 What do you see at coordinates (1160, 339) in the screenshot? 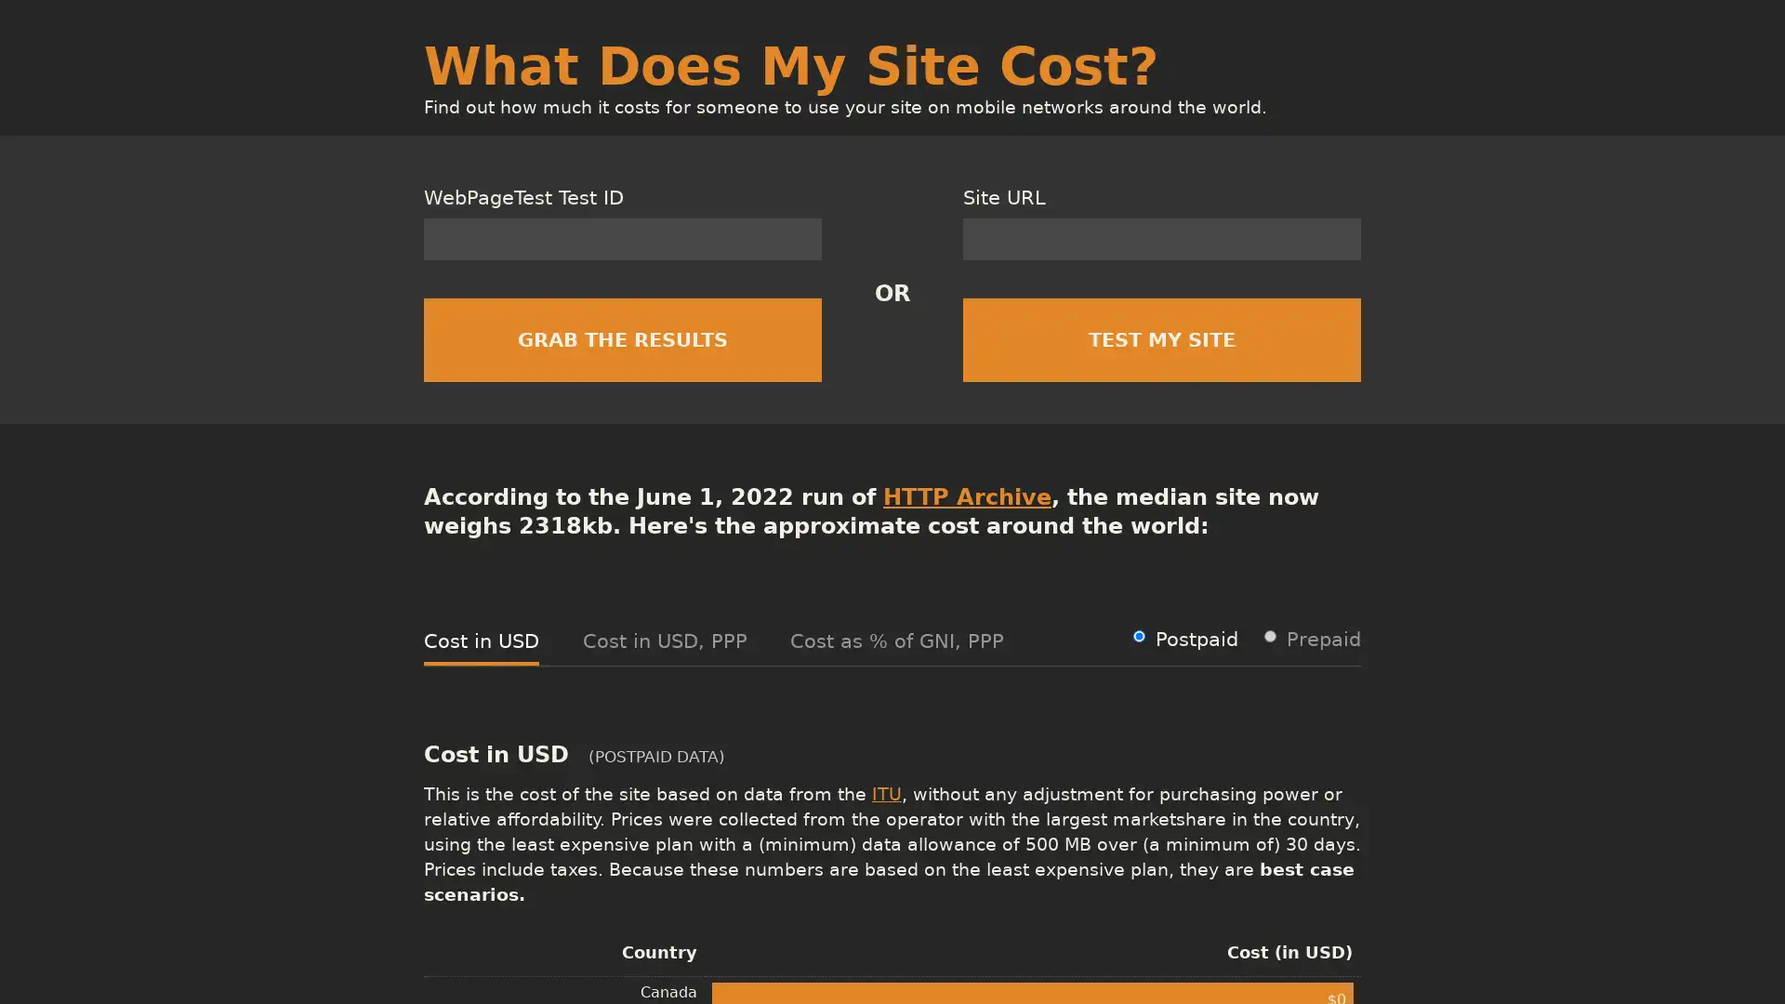
I see `Test my site` at bounding box center [1160, 339].